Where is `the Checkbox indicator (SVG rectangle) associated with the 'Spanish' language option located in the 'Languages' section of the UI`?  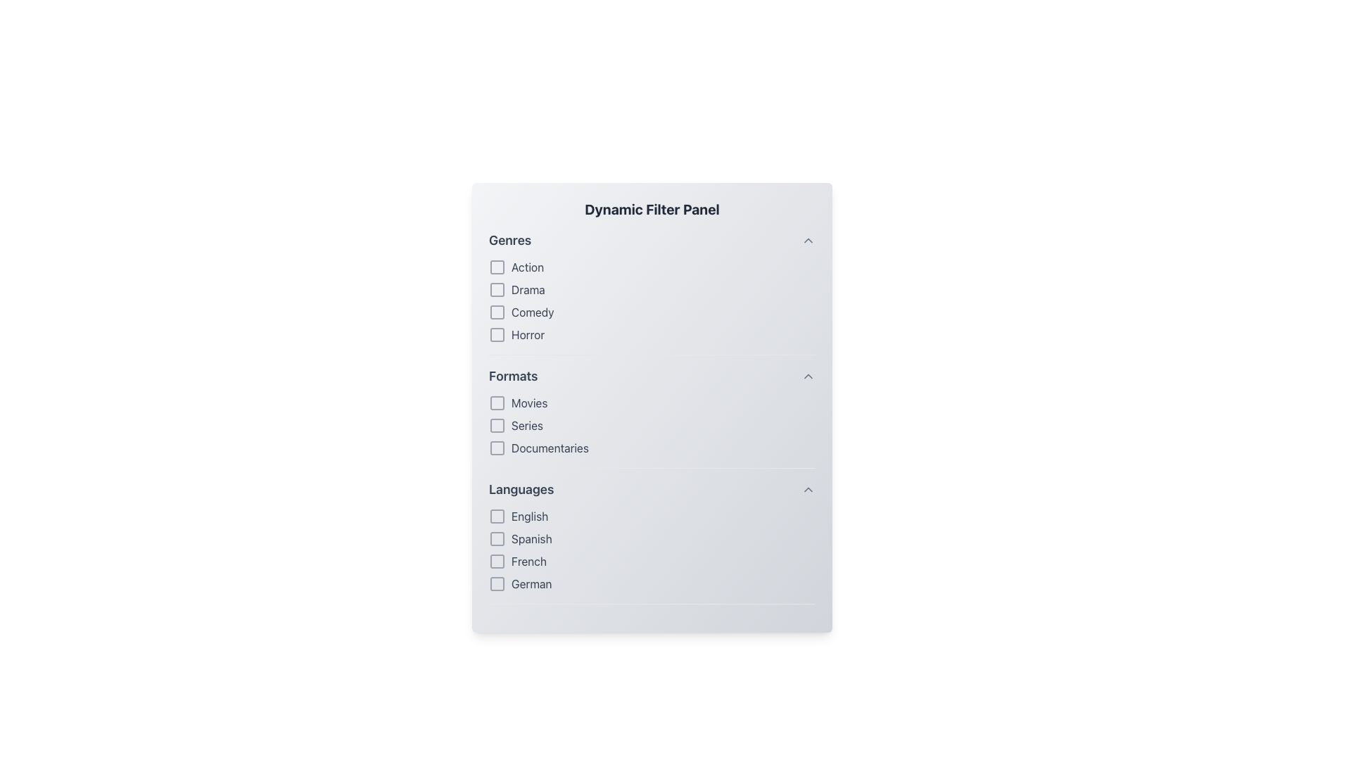 the Checkbox indicator (SVG rectangle) associated with the 'Spanish' language option located in the 'Languages' section of the UI is located at coordinates (497, 538).